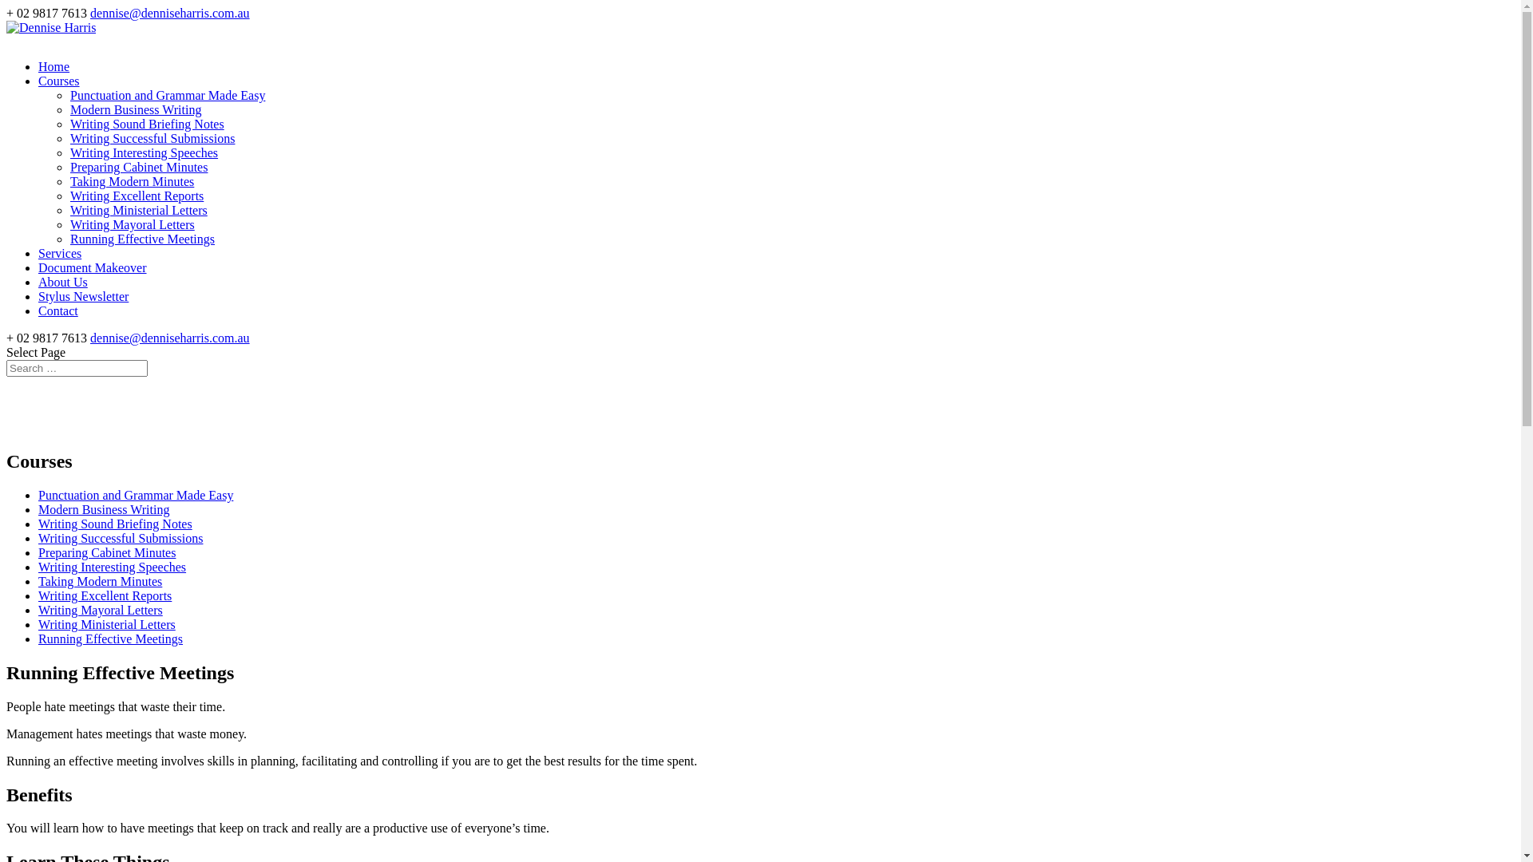 The height and width of the screenshot is (862, 1533). I want to click on 'dennise@denniseharris.com.au', so click(169, 13).